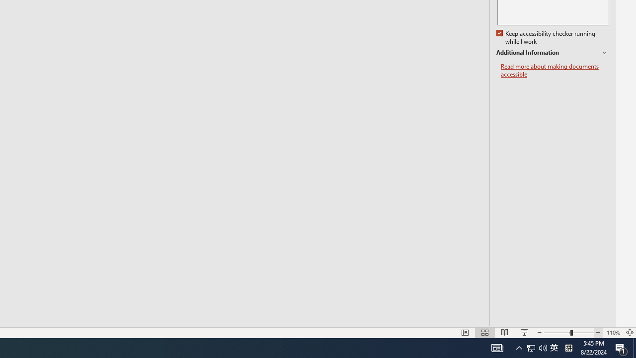 The width and height of the screenshot is (636, 358). I want to click on 'Slide Show', so click(524, 333).